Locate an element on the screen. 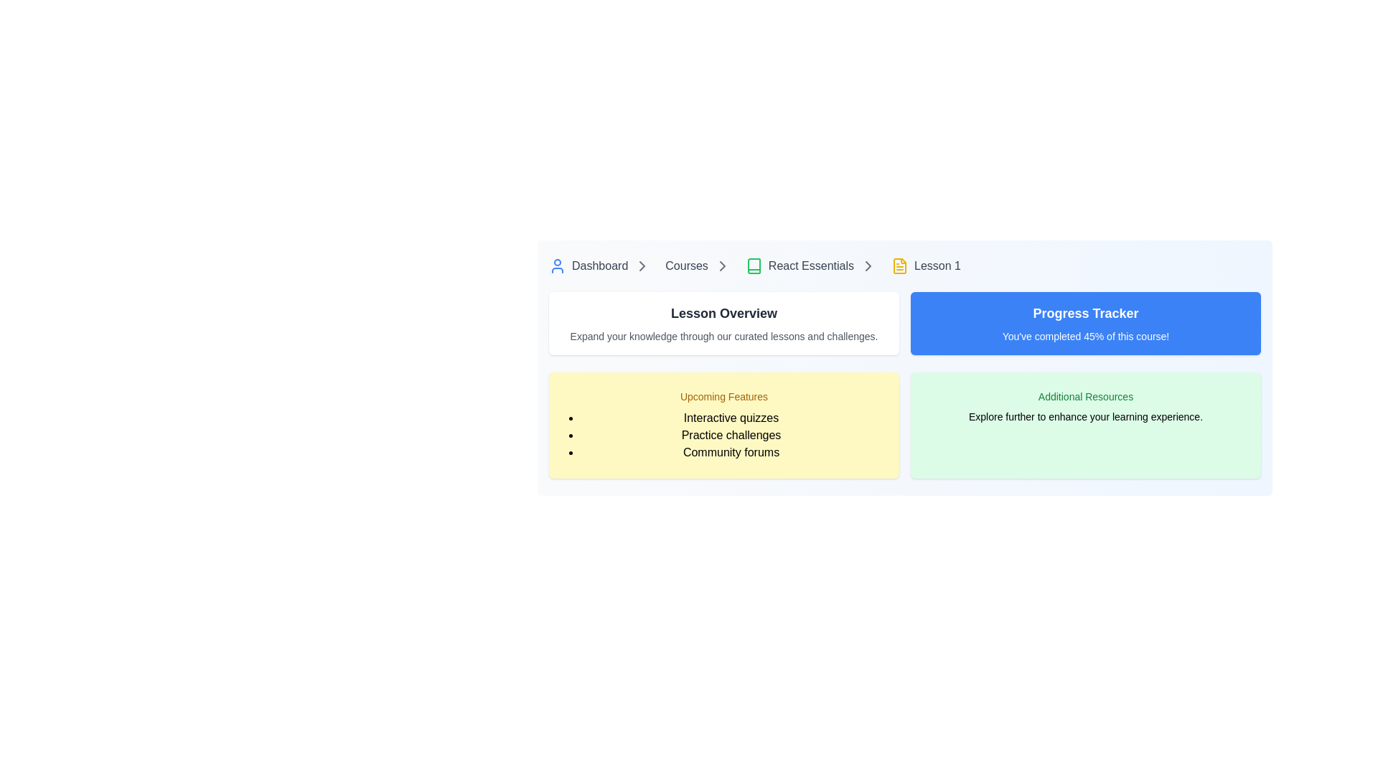 The height and width of the screenshot is (775, 1378). the informational text label that guides users to community forums, located in the bullet list under 'Upcoming Features' within a yellow panel is located at coordinates (731, 453).